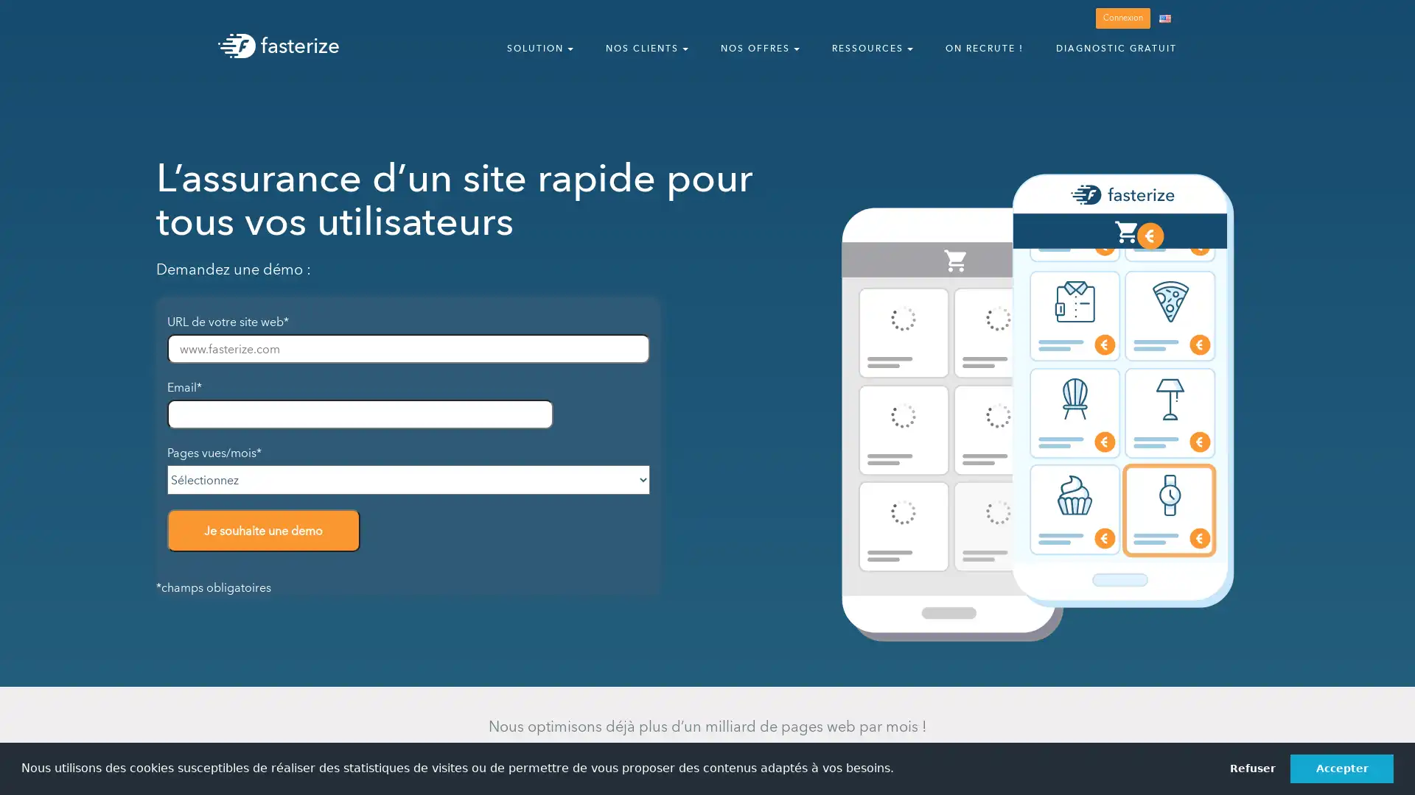 The width and height of the screenshot is (1415, 795). What do you see at coordinates (1341, 768) in the screenshot?
I see `allow cookies` at bounding box center [1341, 768].